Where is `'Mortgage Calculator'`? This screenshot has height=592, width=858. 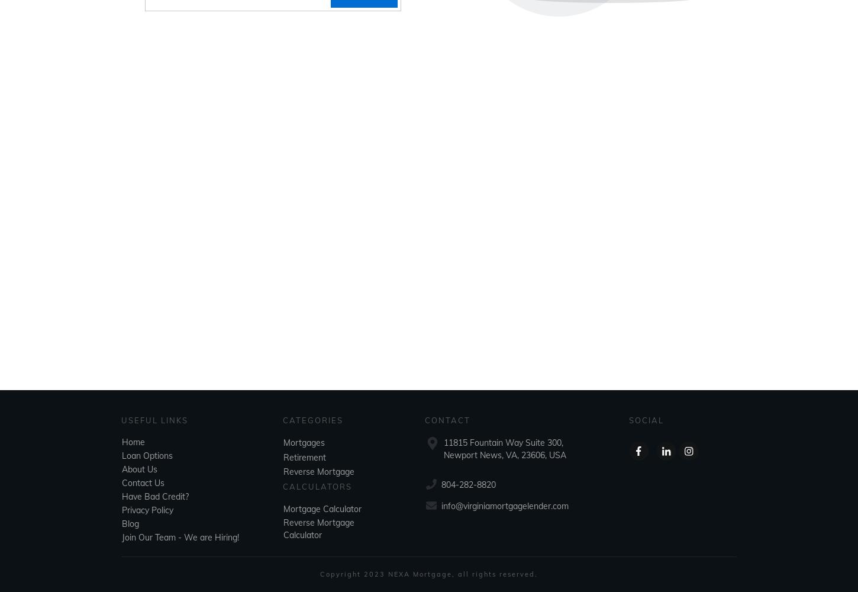 'Mortgage Calculator' is located at coordinates (322, 509).